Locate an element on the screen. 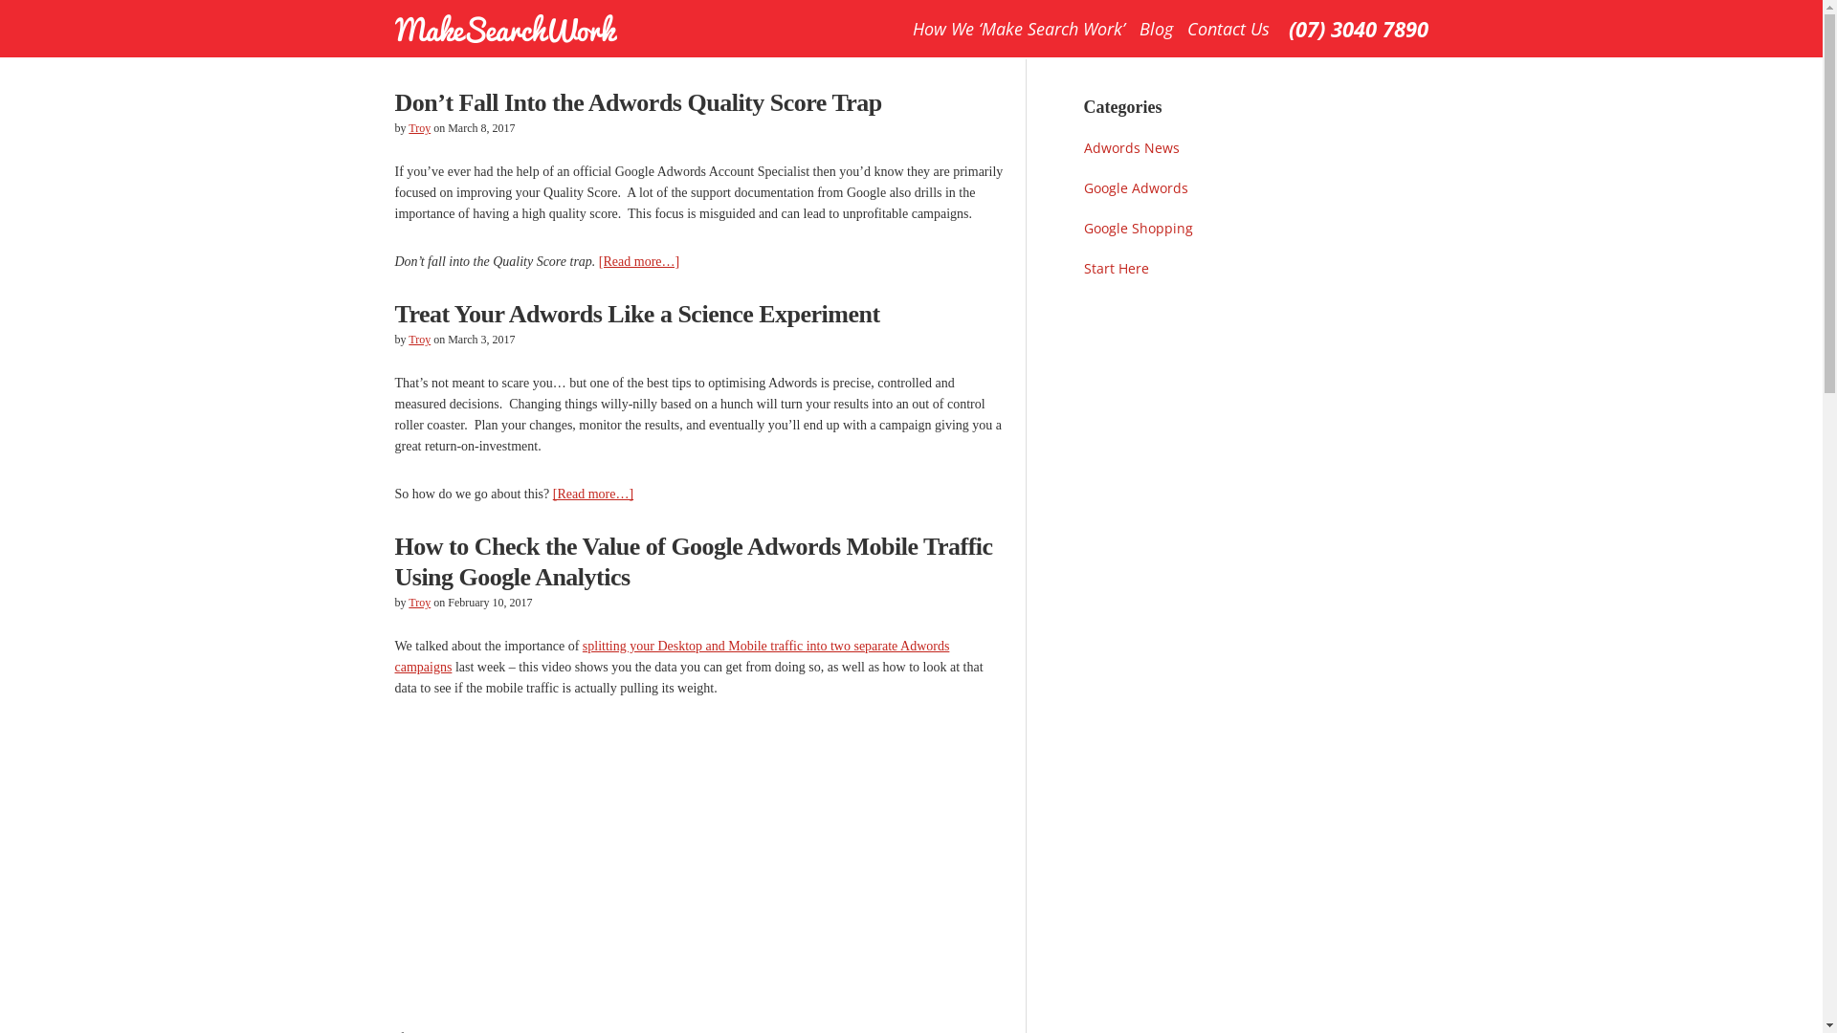 This screenshot has height=1033, width=1837. 'Adwords News' is located at coordinates (1130, 146).